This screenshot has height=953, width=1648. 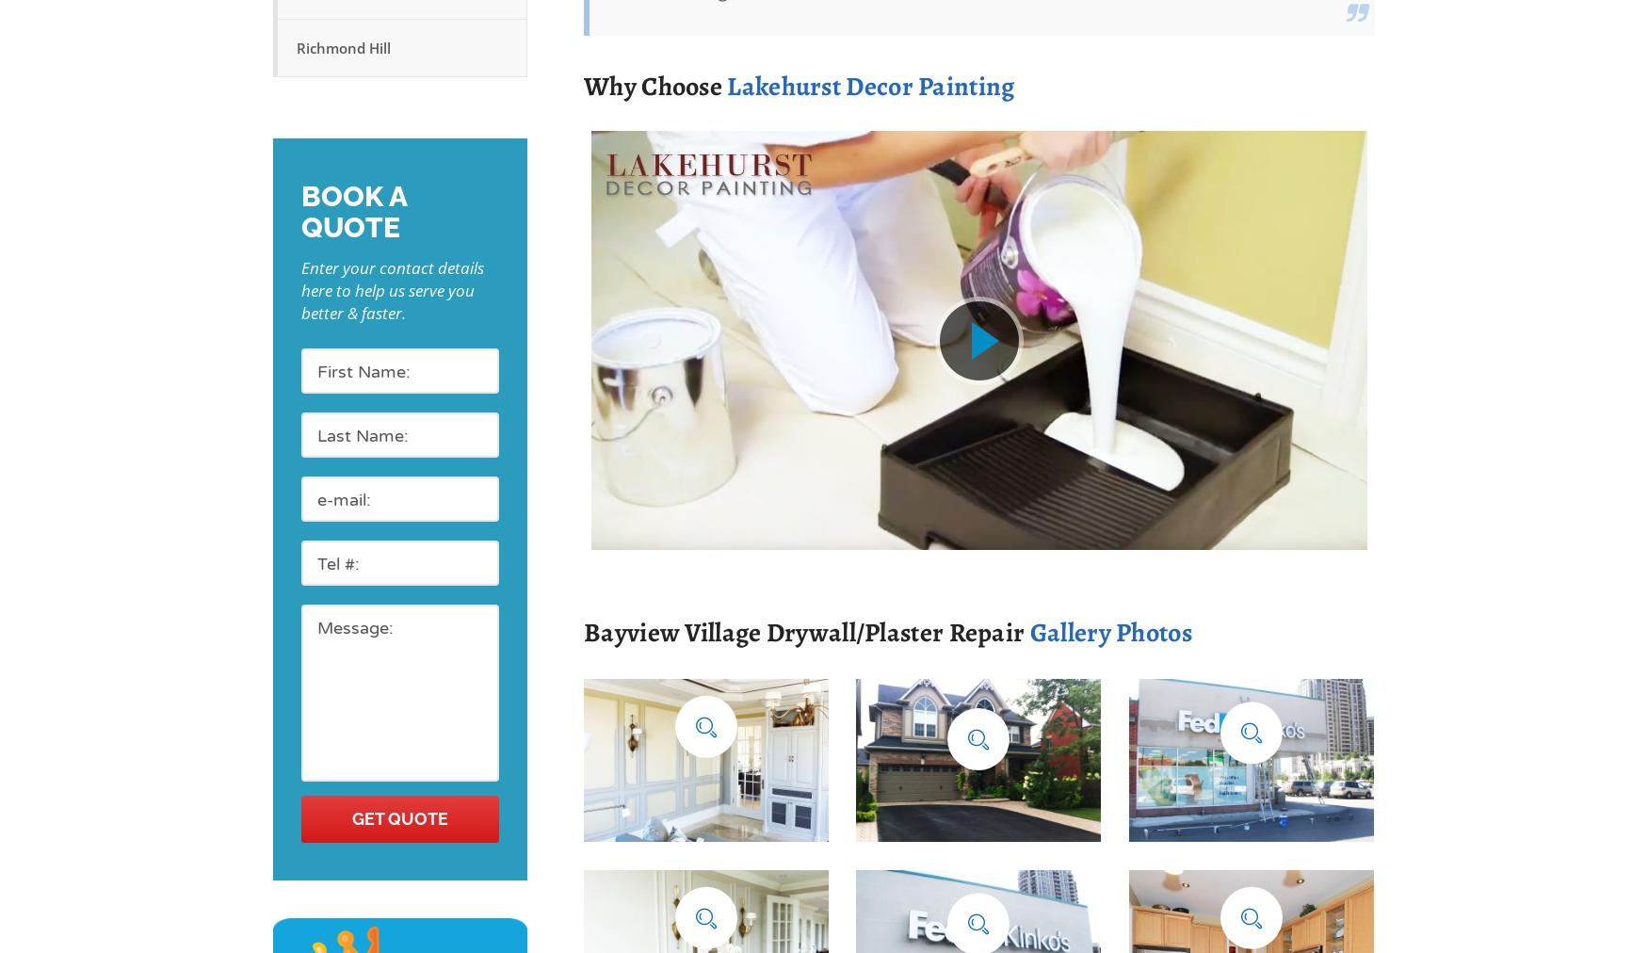 I want to click on 'House Exterior Painting', so click(x=1447, y=791).